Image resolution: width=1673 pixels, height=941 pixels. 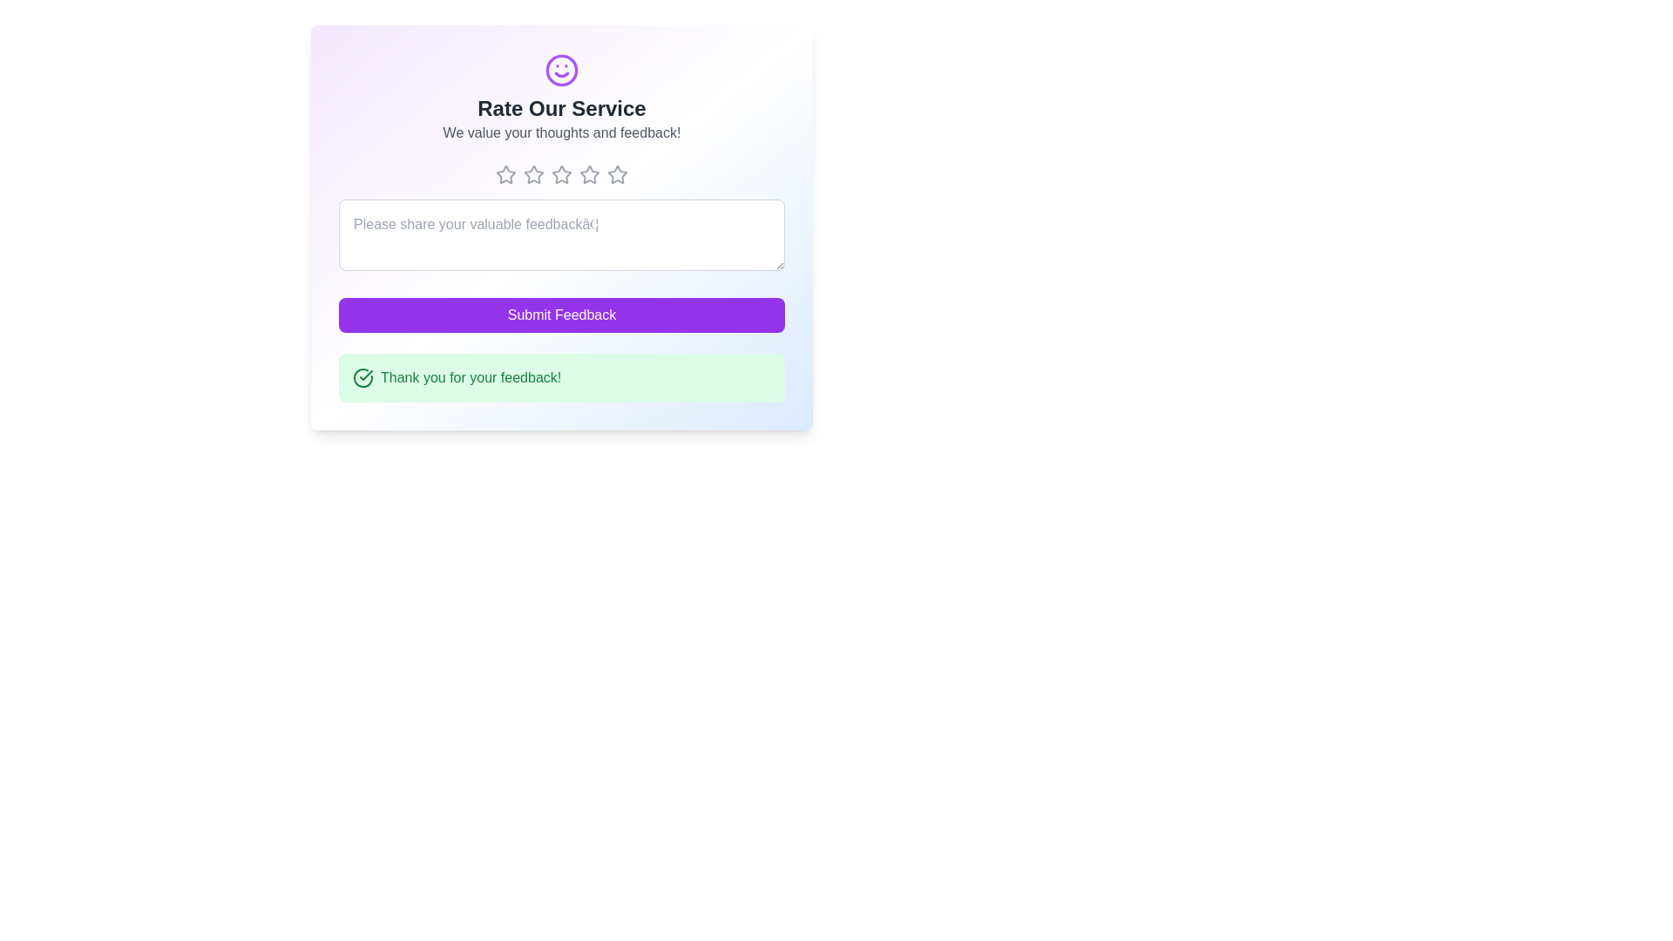 What do you see at coordinates (561, 377) in the screenshot?
I see `the confirmation message displayed in the Alert/Notification Box located at the center-bottom of the user interface, below the 'Submit Feedback' button` at bounding box center [561, 377].